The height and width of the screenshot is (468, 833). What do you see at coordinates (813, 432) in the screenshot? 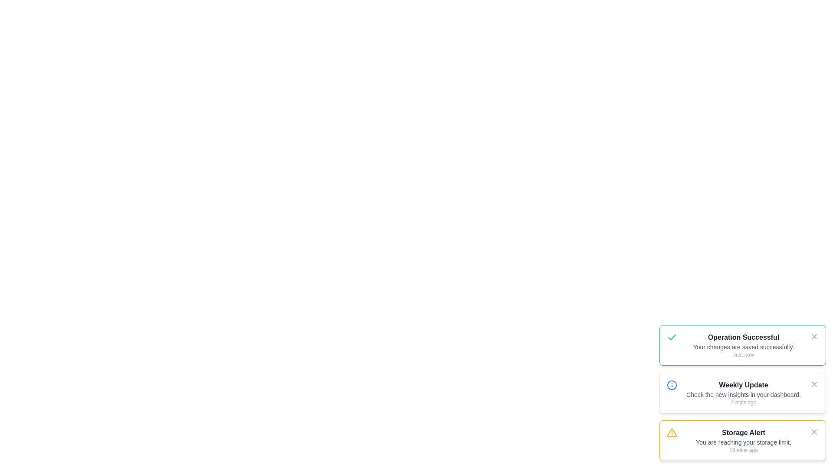
I see `the 'X' button located in the top-right corner of the 'Storage Alert' notification card` at bounding box center [813, 432].